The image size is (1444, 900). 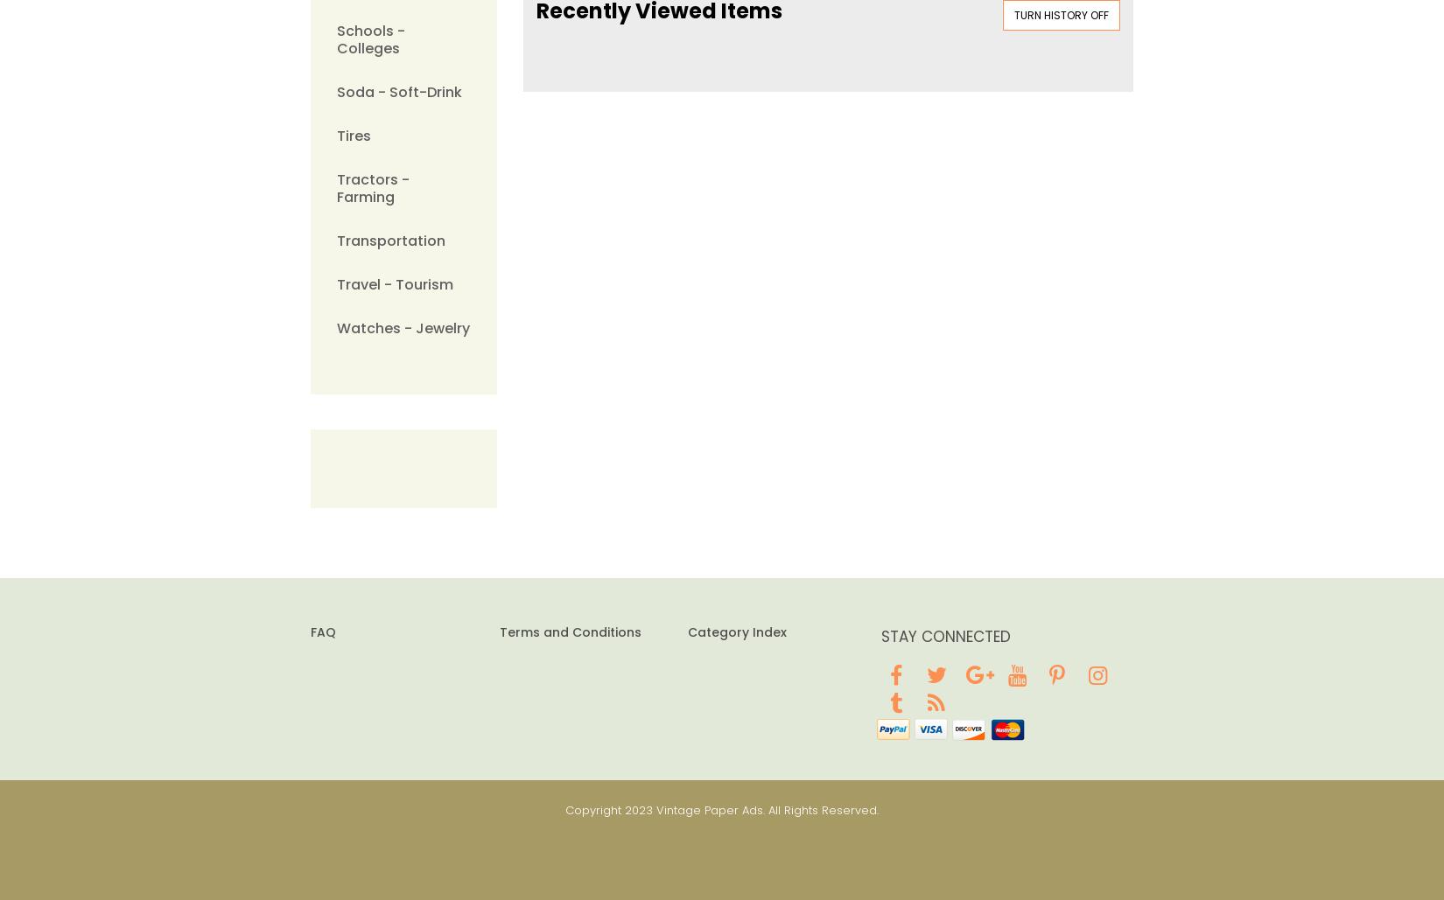 I want to click on 'Terms and Conditions', so click(x=498, y=631).